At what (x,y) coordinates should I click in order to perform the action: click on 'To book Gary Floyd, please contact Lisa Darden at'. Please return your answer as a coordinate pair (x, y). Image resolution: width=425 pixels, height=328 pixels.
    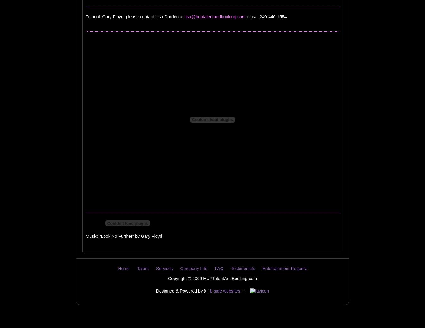
    Looking at the image, I should click on (134, 16).